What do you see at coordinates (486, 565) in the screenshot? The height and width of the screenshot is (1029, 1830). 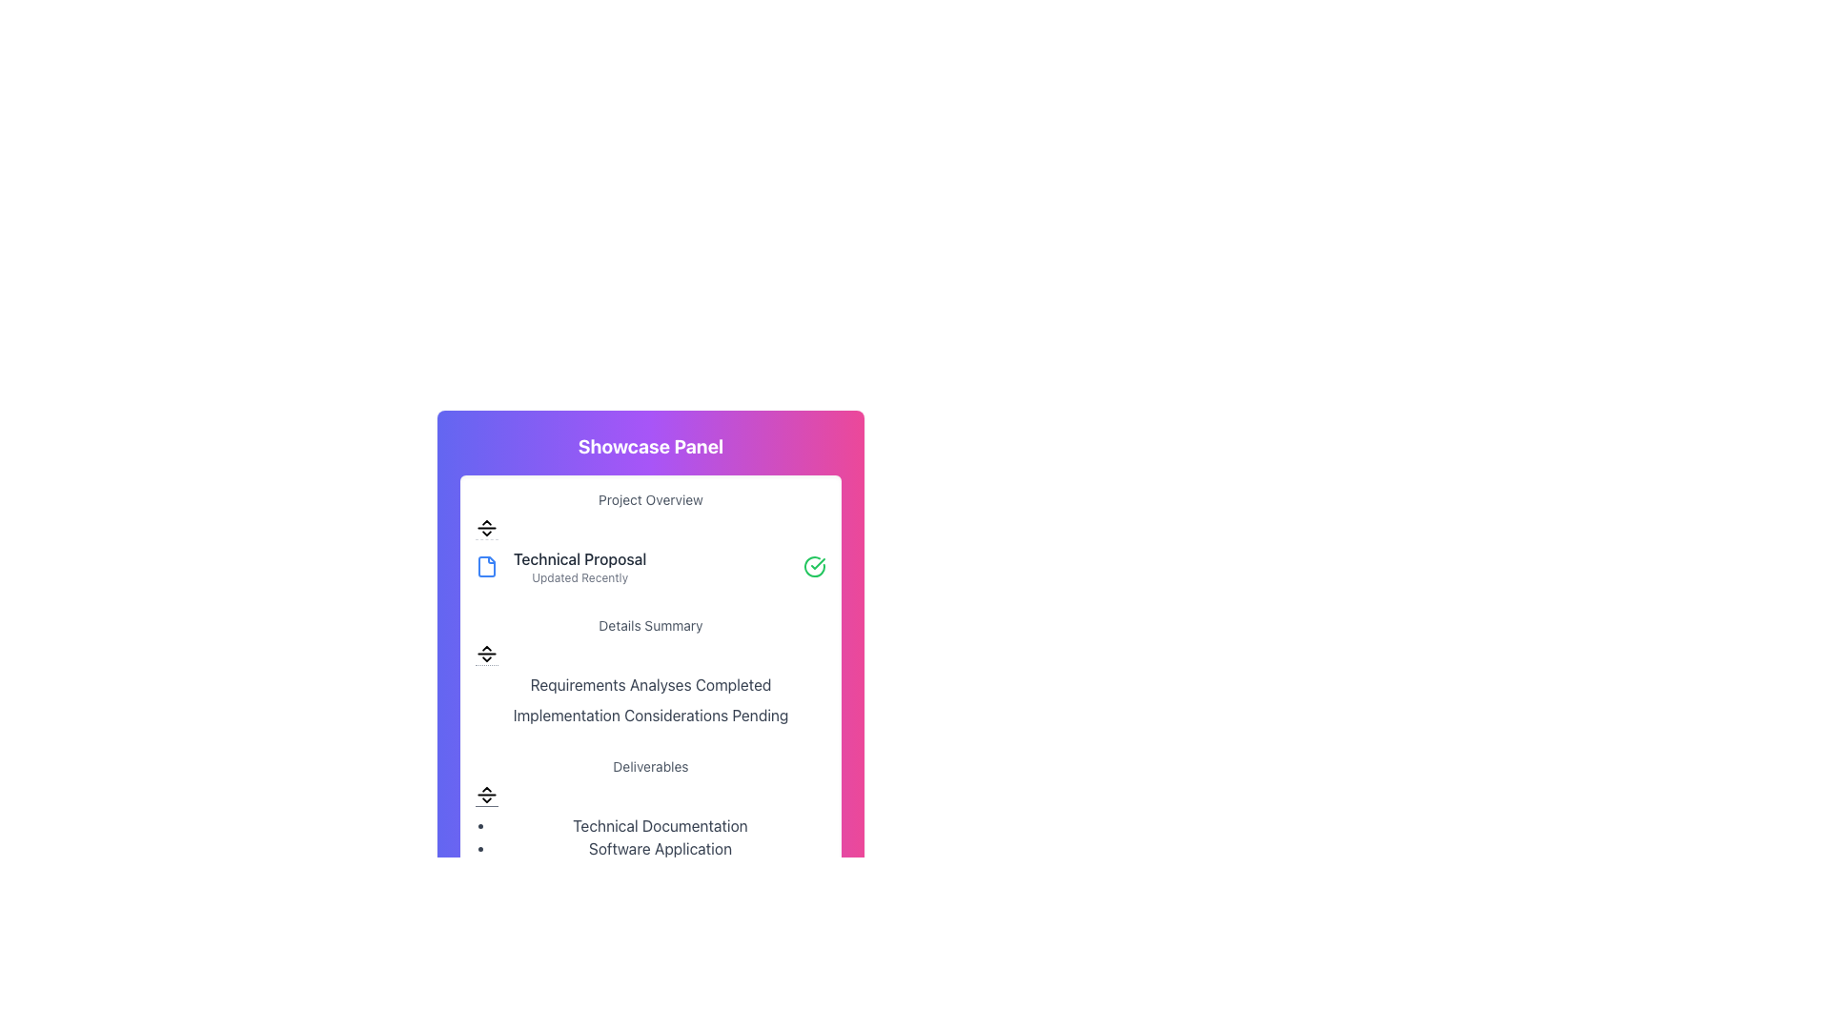 I see `the blue document icon located to the left of the 'Technical Proposal' text in the 'Showcase Panel' section, positioned below 'Project Overview' and above 'Details Summary'` at bounding box center [486, 565].